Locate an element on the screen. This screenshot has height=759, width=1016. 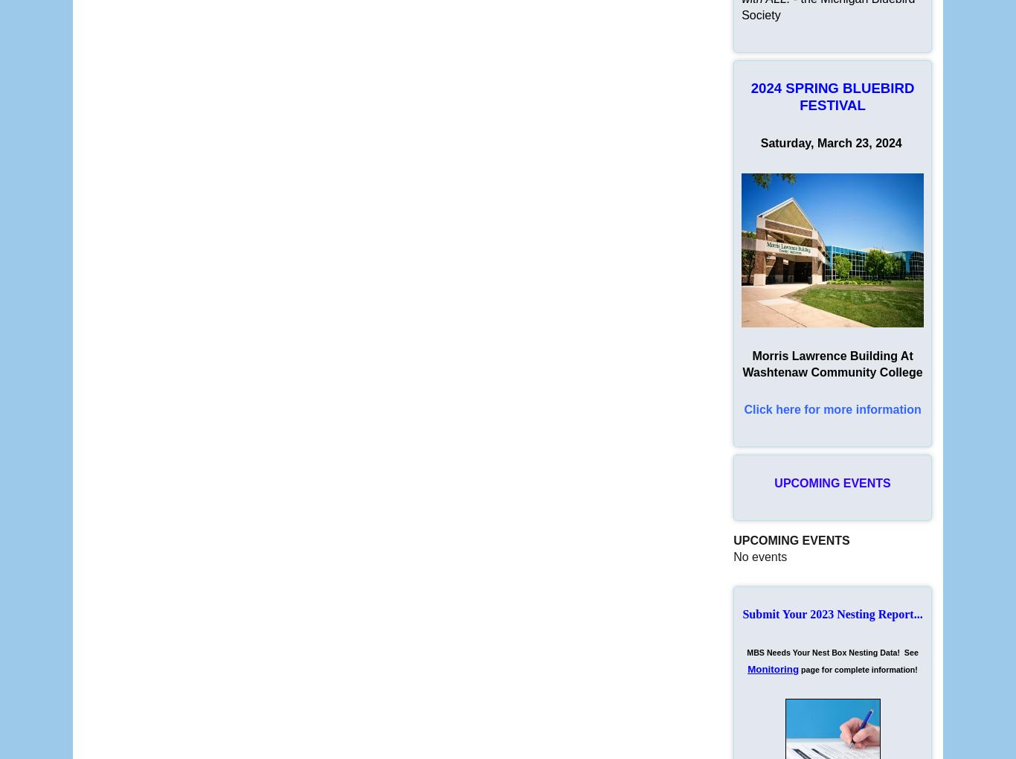
'Monitoring' is located at coordinates (772, 669).